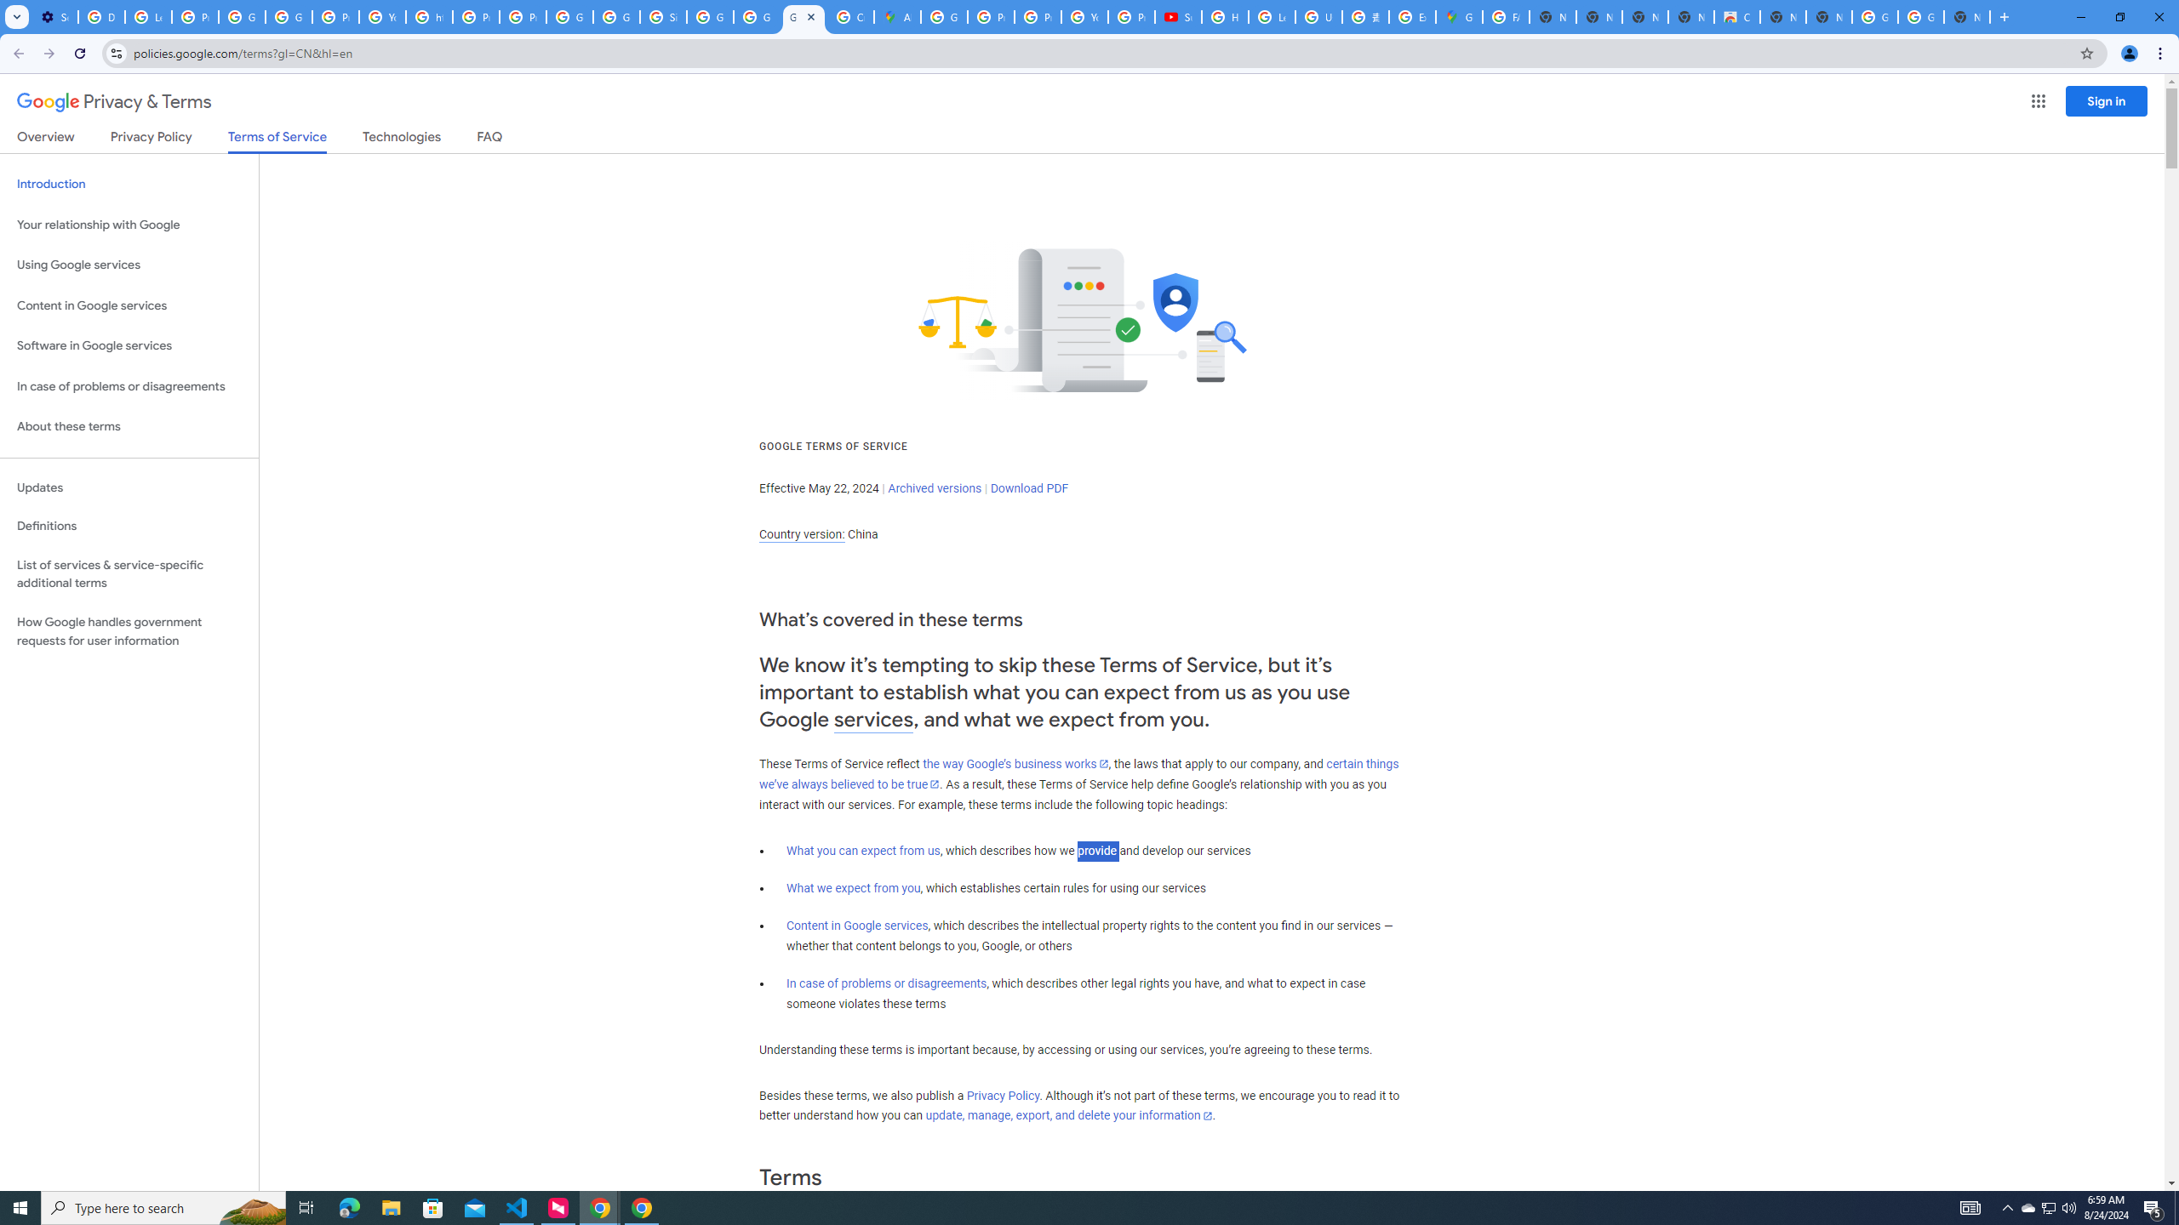  I want to click on 'In case of problems or disagreements', so click(885, 983).